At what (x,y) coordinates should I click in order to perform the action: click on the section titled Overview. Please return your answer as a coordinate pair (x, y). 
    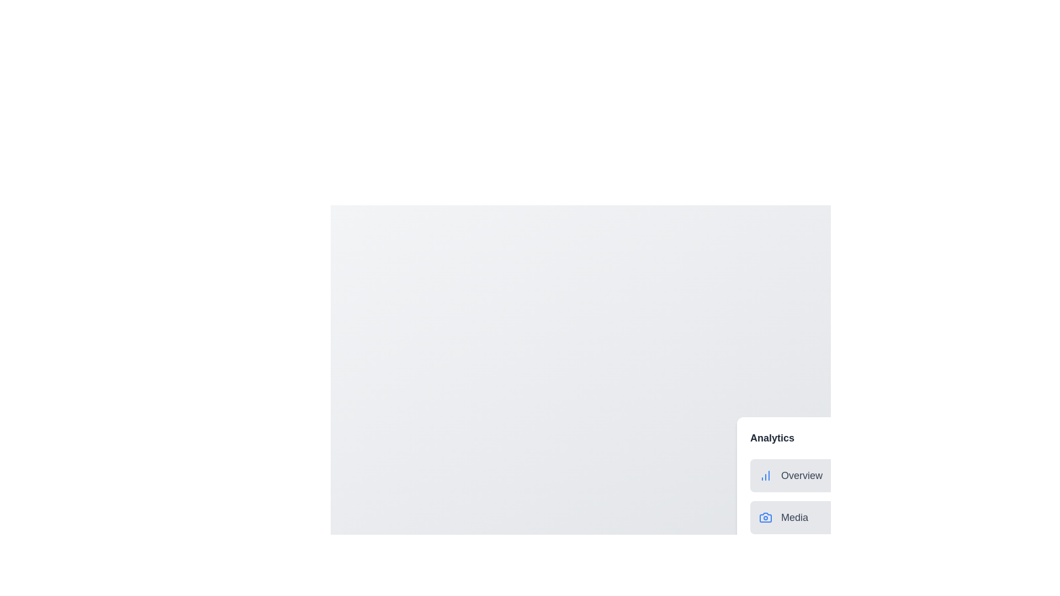
    Looking at the image, I should click on (781, 475).